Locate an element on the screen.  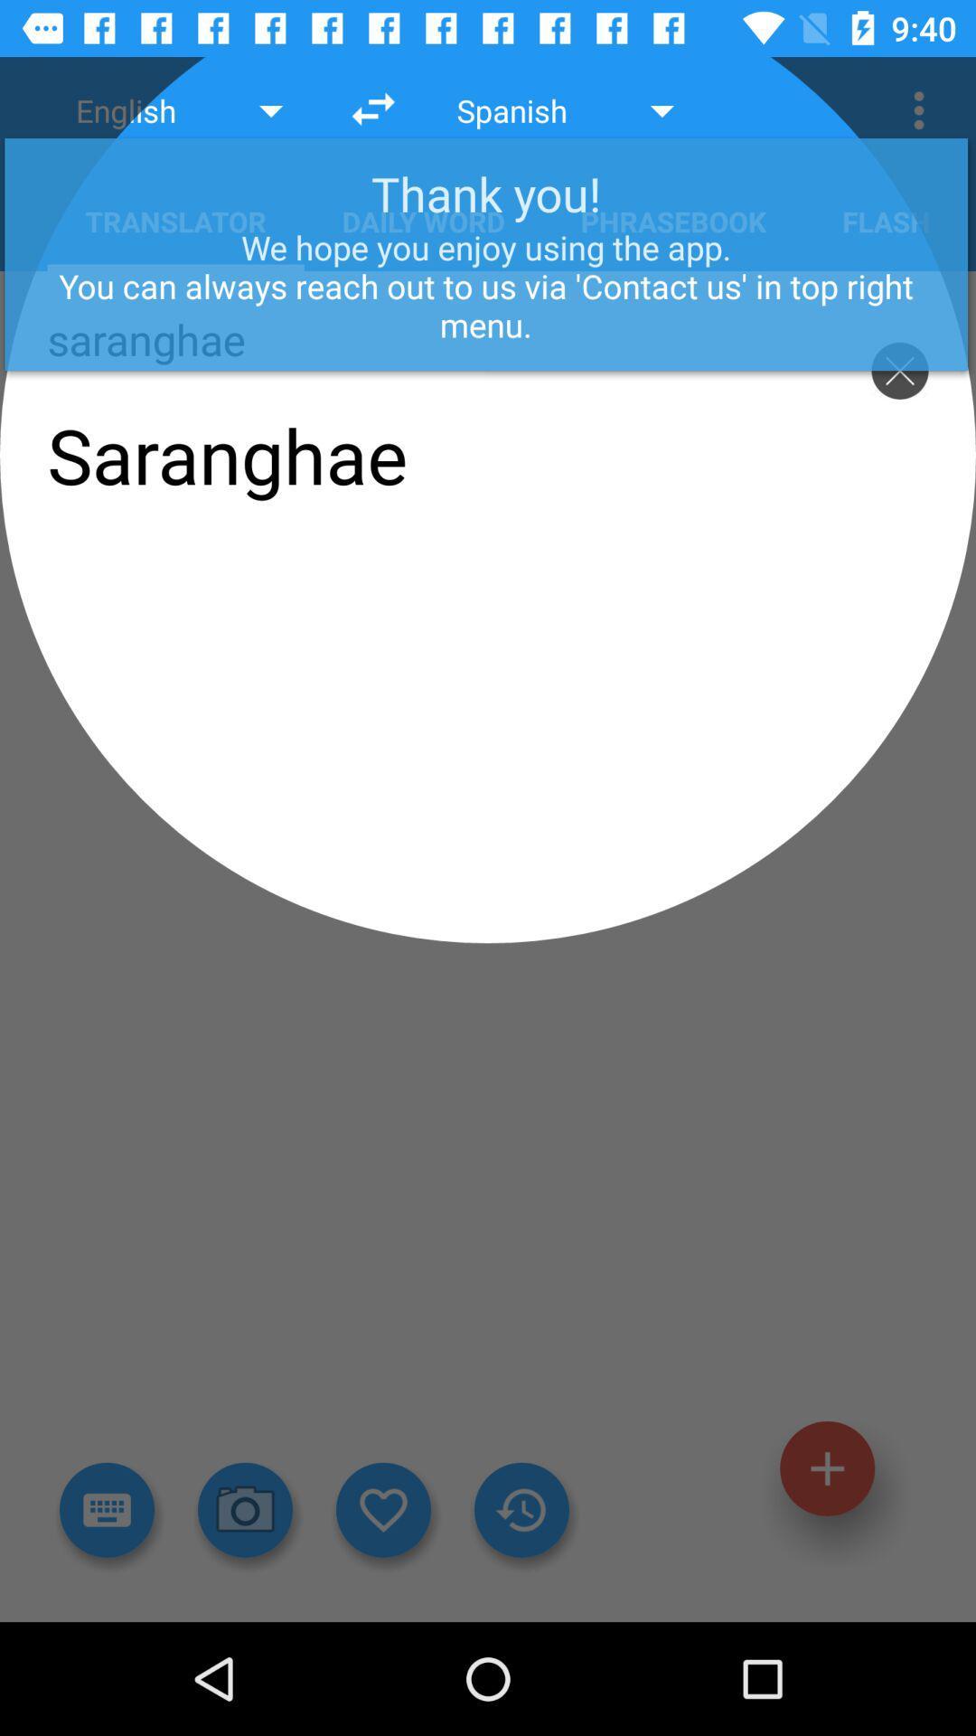
the photo icon is located at coordinates (245, 1510).